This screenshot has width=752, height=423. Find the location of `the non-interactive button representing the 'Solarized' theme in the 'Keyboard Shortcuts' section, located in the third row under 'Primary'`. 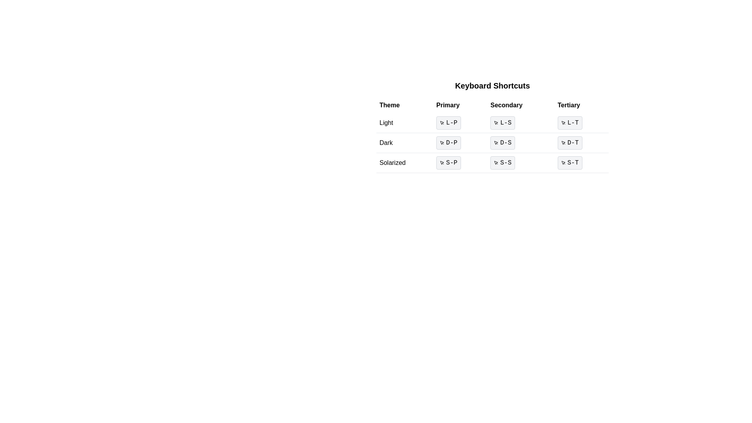

the non-interactive button representing the 'Solarized' theme in the 'Keyboard Shortcuts' section, located in the third row under 'Primary' is located at coordinates (460, 163).